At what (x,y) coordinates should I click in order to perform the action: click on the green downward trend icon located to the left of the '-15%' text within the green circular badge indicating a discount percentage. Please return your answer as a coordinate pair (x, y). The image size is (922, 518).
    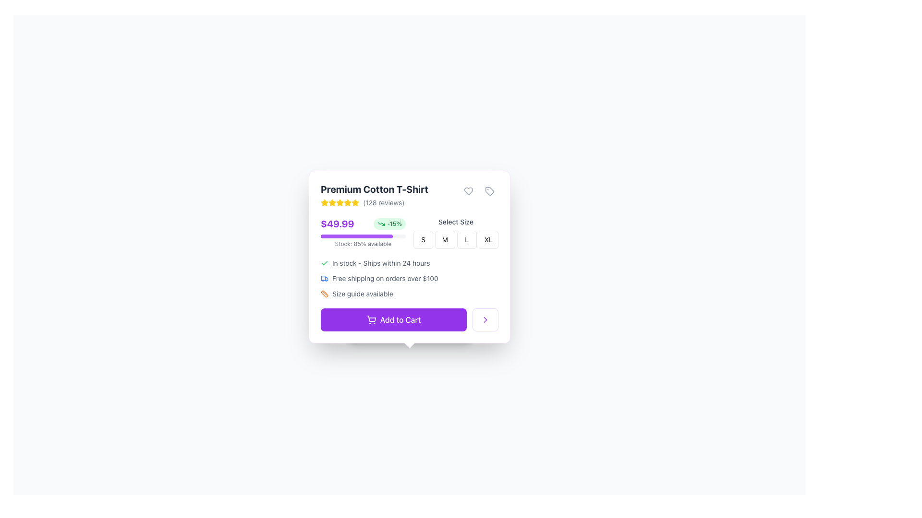
    Looking at the image, I should click on (381, 224).